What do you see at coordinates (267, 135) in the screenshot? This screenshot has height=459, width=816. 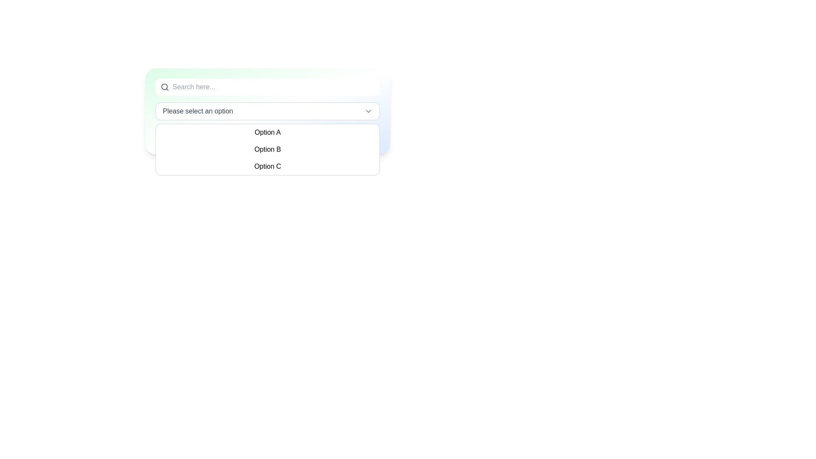 I see `the first selectable option in the dropdown menu labeled 'Please select an option'` at bounding box center [267, 135].